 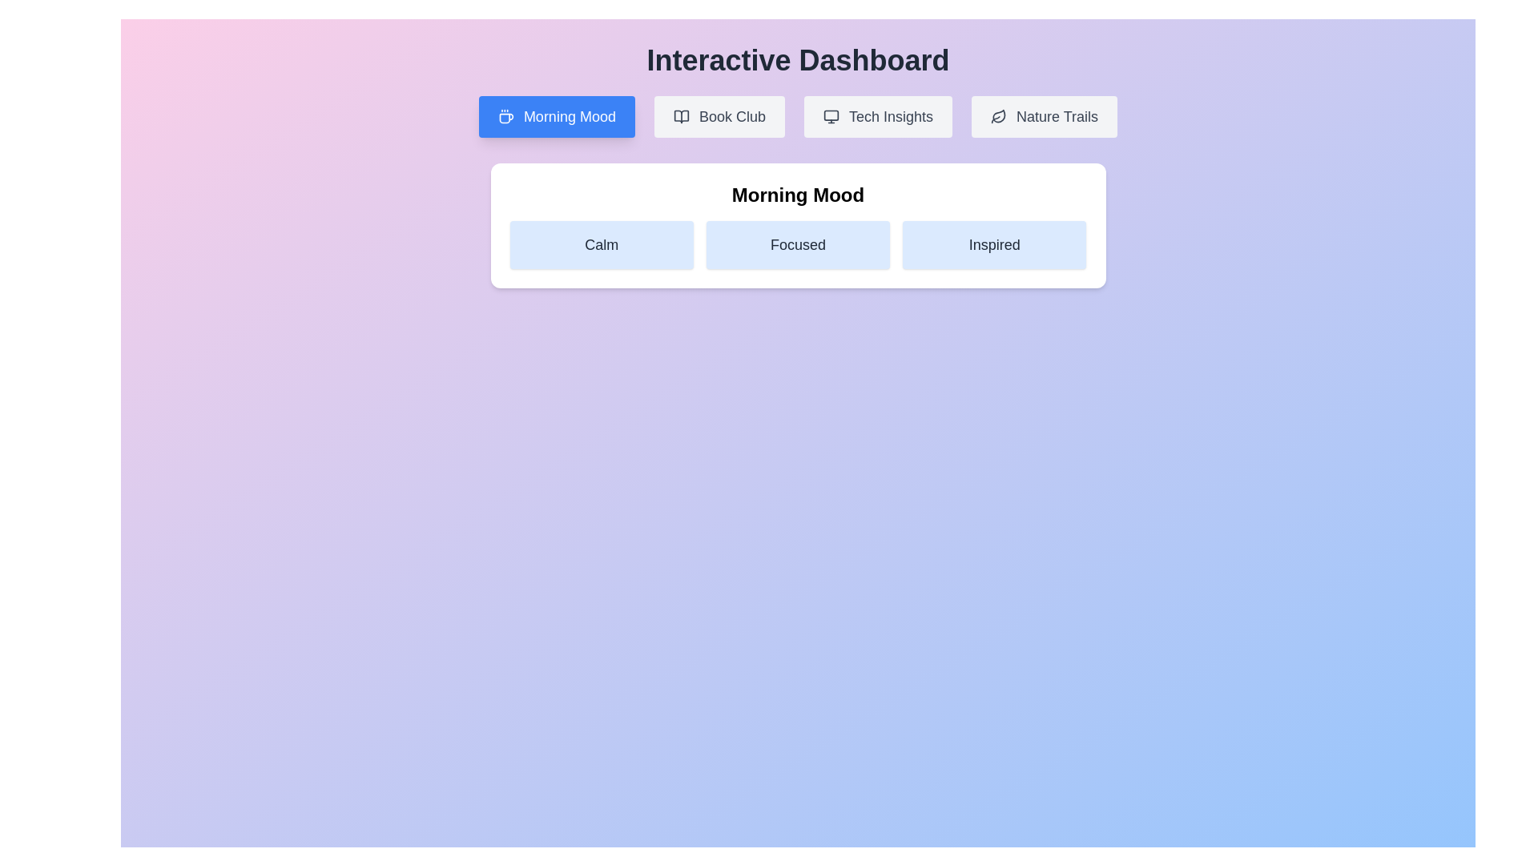 I want to click on the 'Book Club' graphical icon located in the second button from the left in the navigation bar at the top of the interface, so click(x=681, y=116).